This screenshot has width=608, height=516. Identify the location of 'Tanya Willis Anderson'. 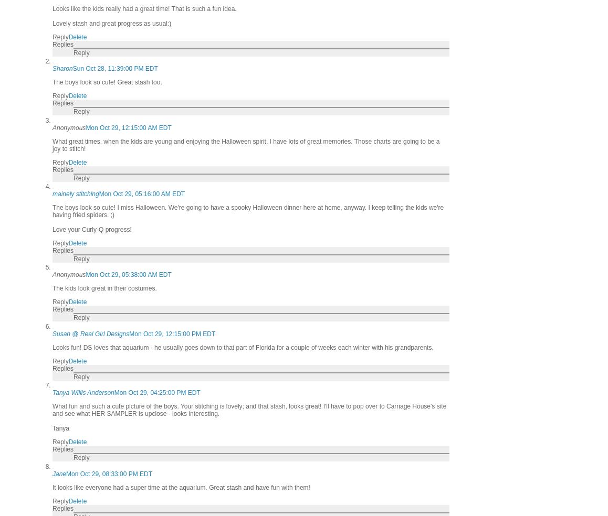
(82, 392).